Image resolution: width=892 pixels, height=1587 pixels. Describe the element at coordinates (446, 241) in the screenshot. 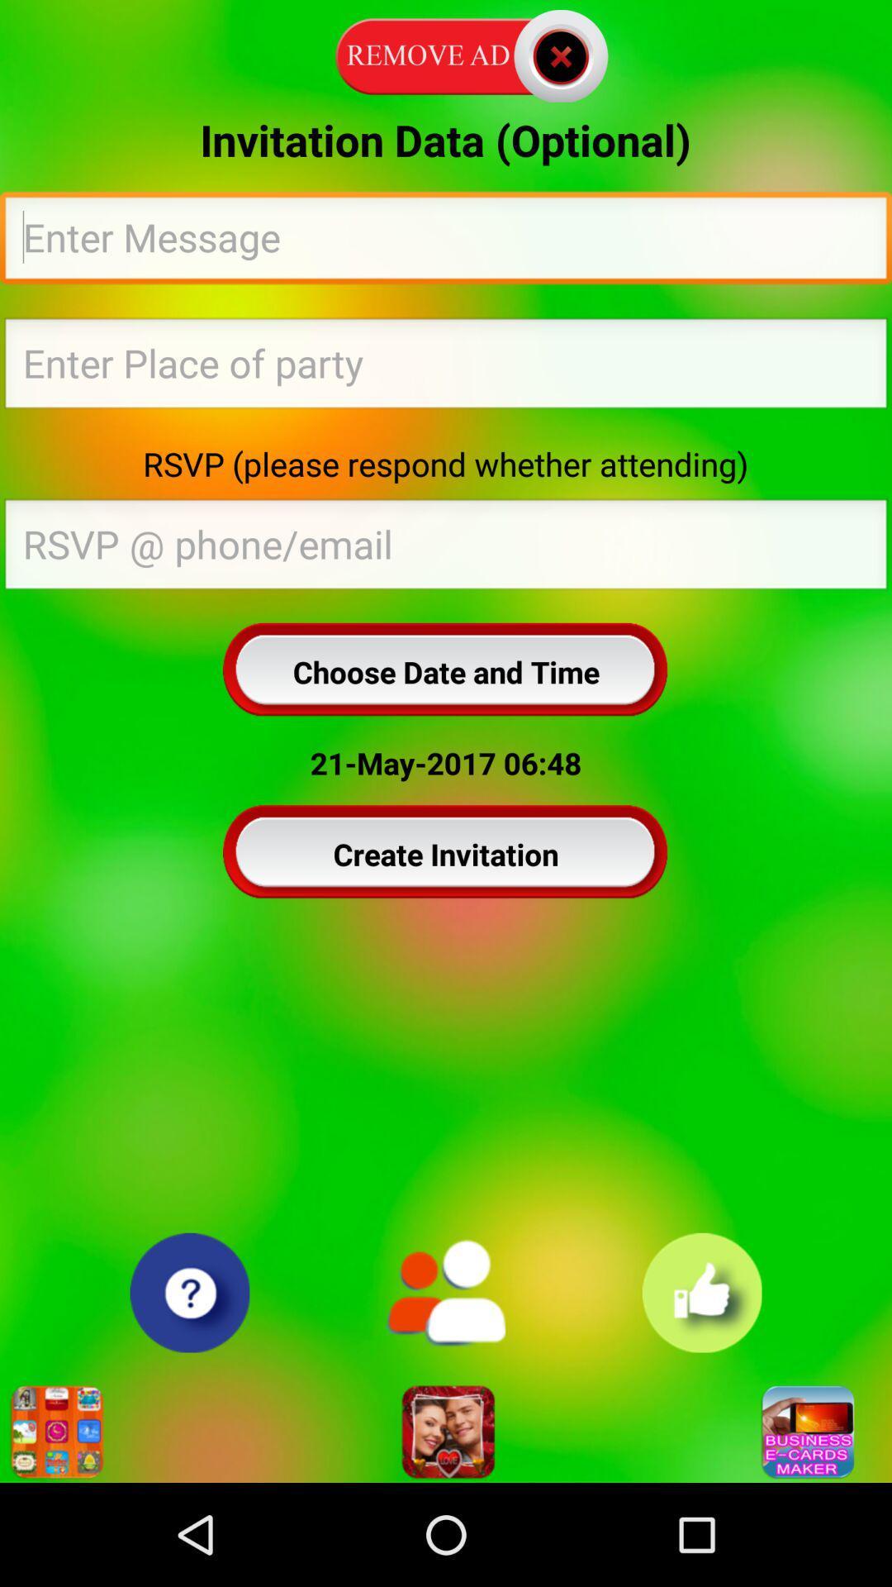

I see `item below the invitation data (optional) app` at that location.